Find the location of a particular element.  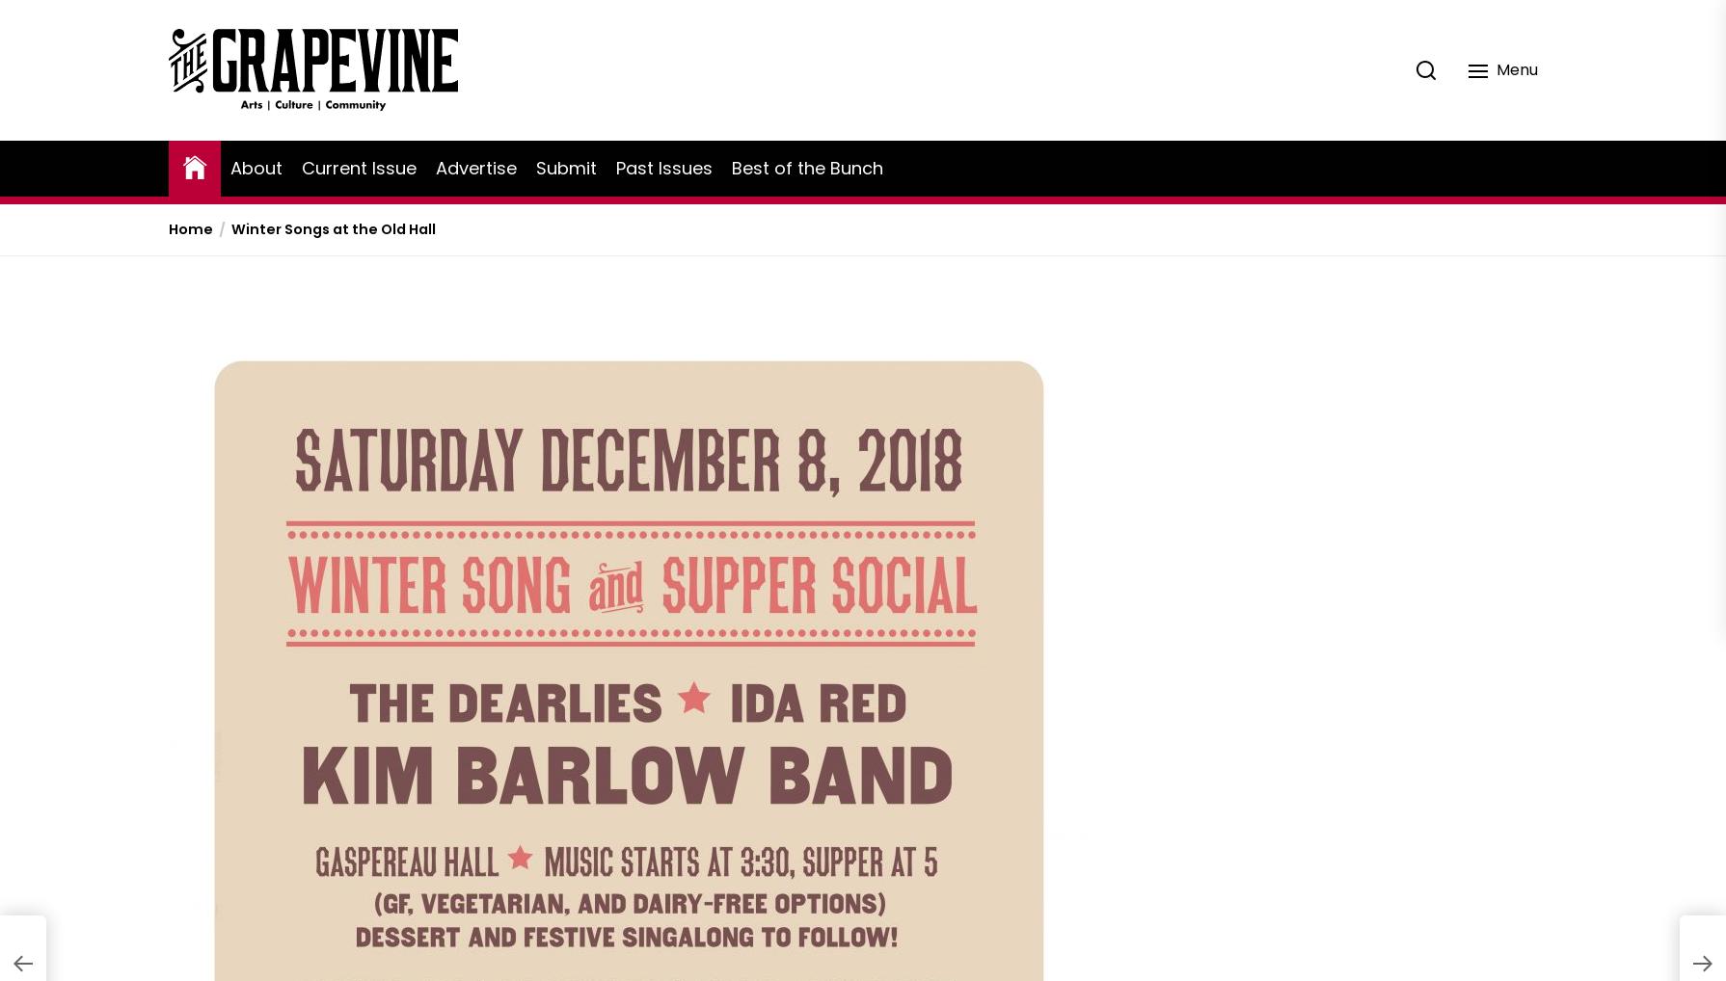

'Winter Songs at the Old Hall' is located at coordinates (334, 228).